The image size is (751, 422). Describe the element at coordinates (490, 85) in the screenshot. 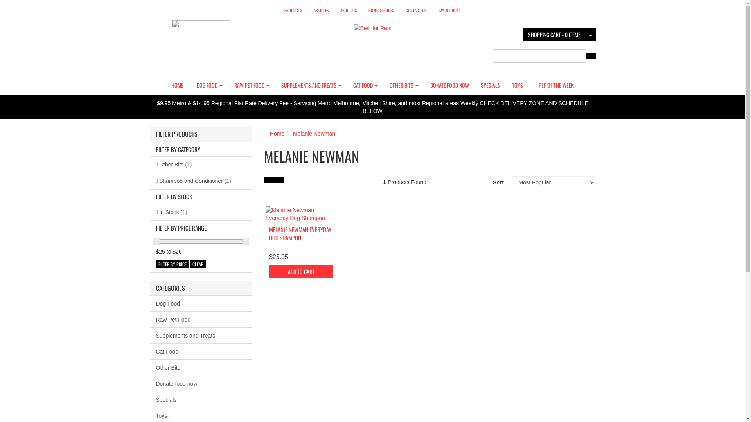

I see `'SPECIALS'` at that location.